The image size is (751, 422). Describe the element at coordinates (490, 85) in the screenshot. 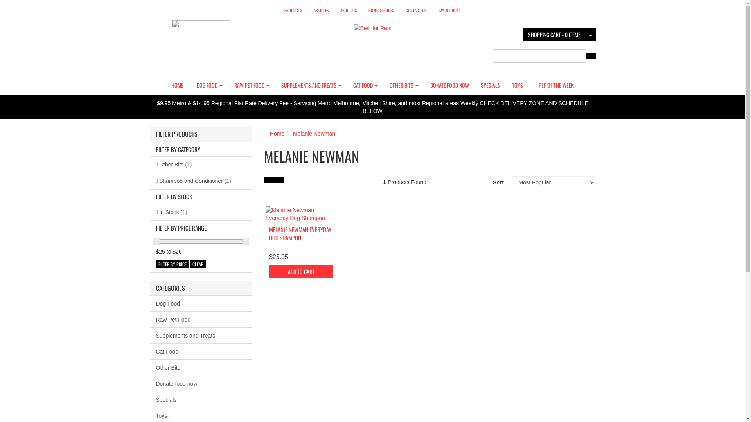

I see `'SPECIALS'` at that location.